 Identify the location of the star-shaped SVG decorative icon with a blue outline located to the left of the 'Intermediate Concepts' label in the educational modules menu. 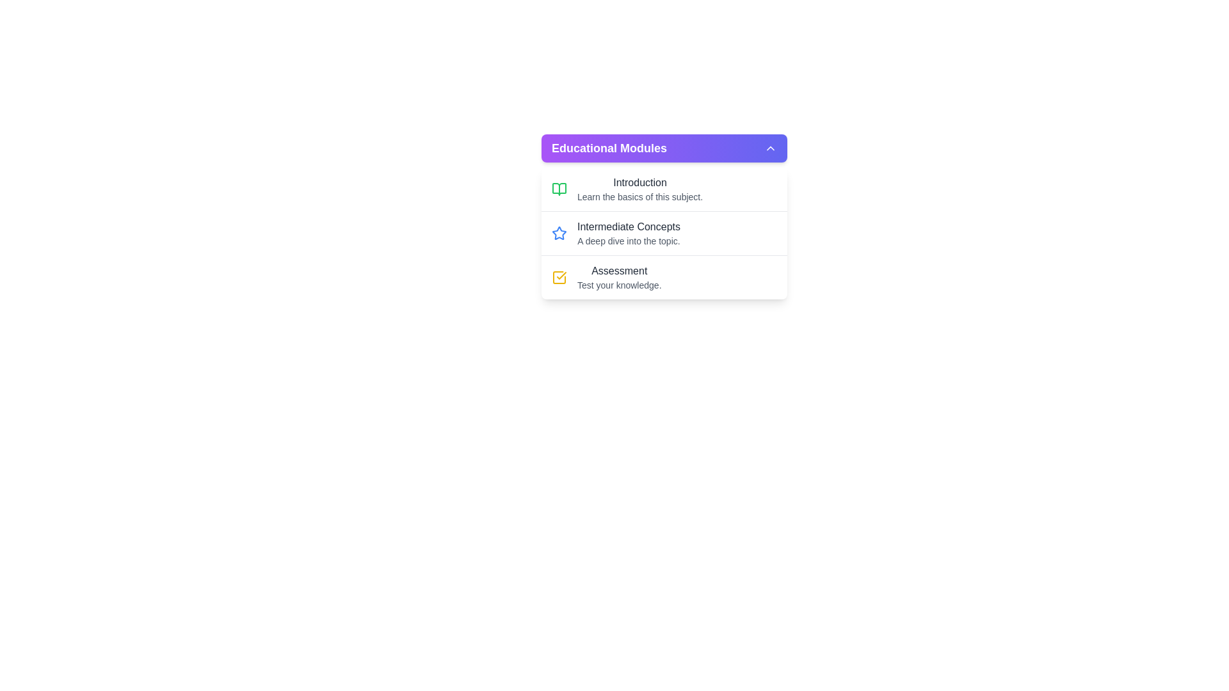
(559, 234).